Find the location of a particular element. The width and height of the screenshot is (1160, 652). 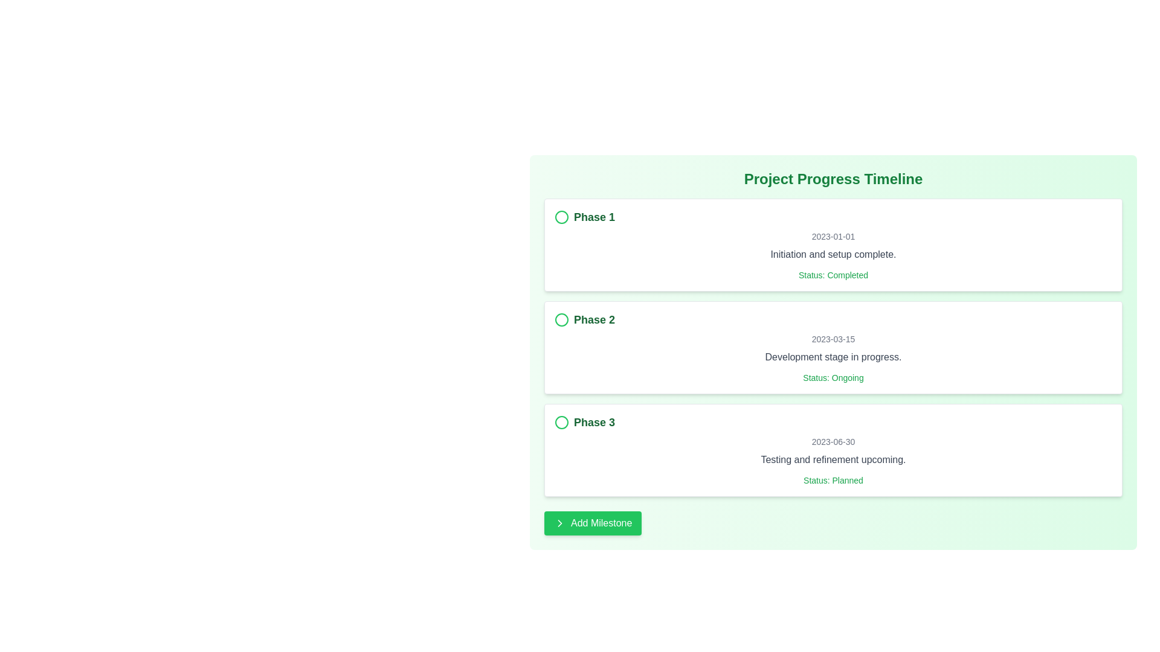

the status indicator icon associated with the 'Phase 3' milestone located to the left of the 'Phase 3' label in the project progress timeline is located at coordinates (561, 421).